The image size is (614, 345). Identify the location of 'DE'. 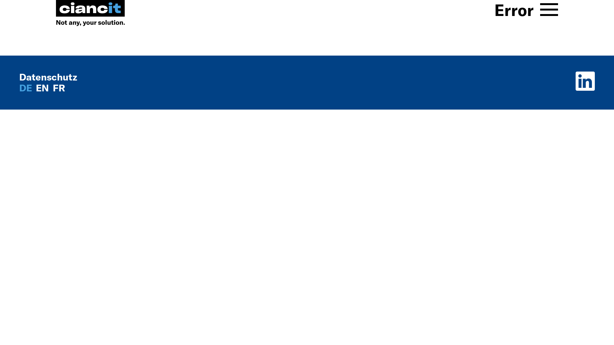
(19, 88).